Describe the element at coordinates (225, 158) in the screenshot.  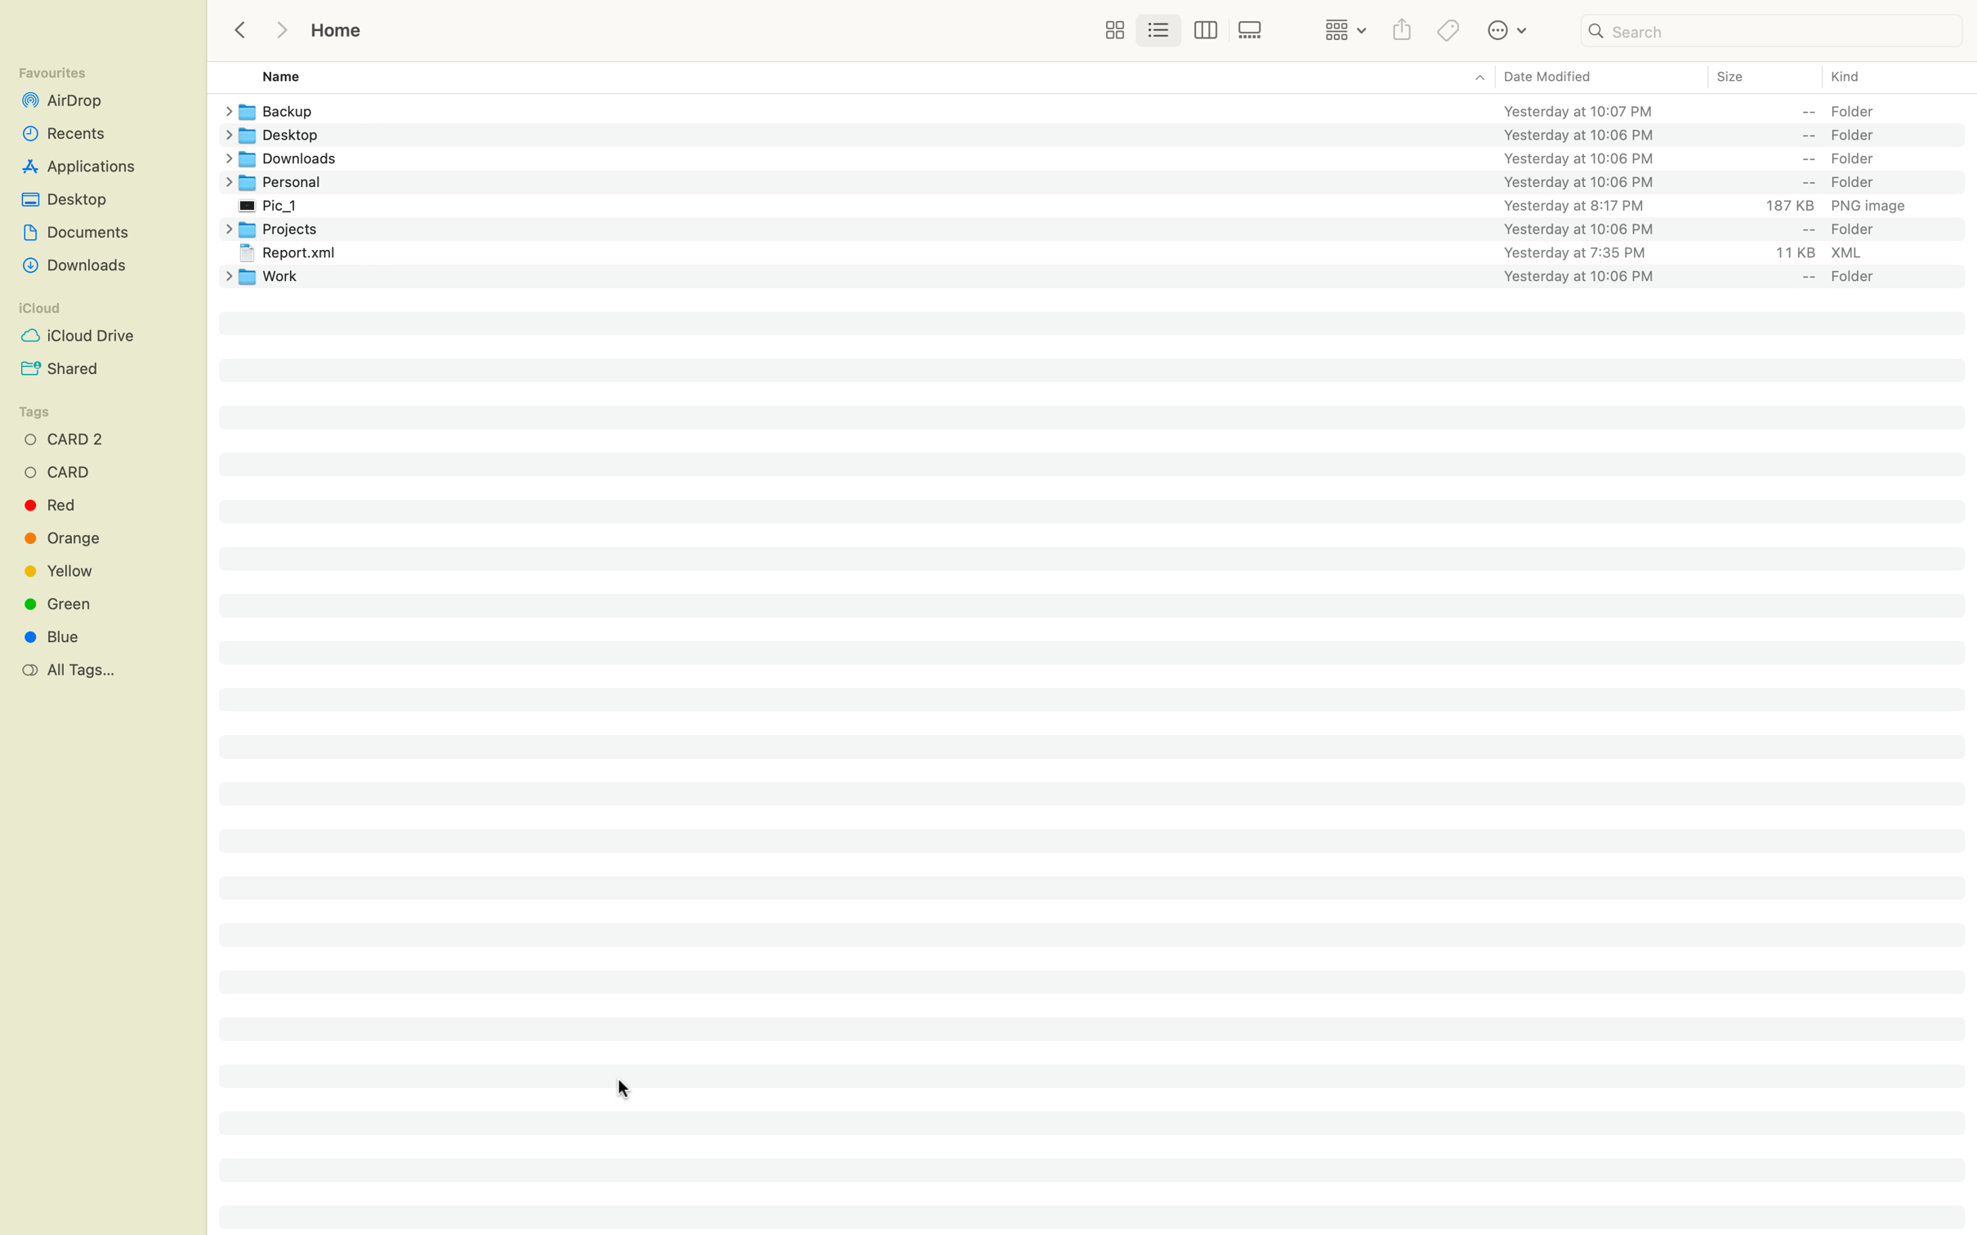
I see `Unfold the contents within the Downloads directory` at that location.